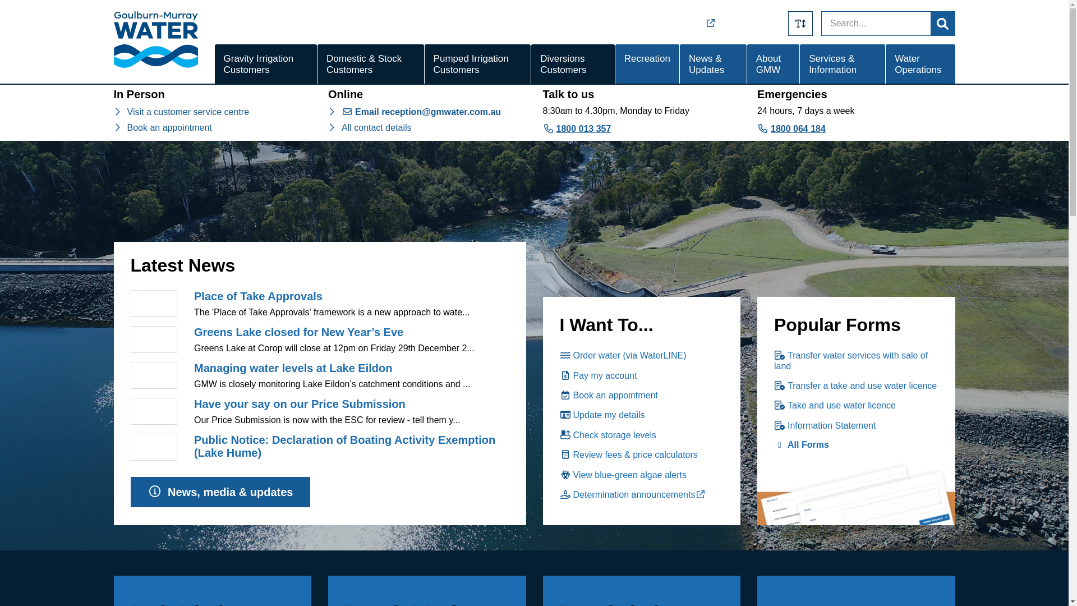 The height and width of the screenshot is (606, 1077). What do you see at coordinates (155, 65) in the screenshot?
I see `'Return to the home page'` at bounding box center [155, 65].